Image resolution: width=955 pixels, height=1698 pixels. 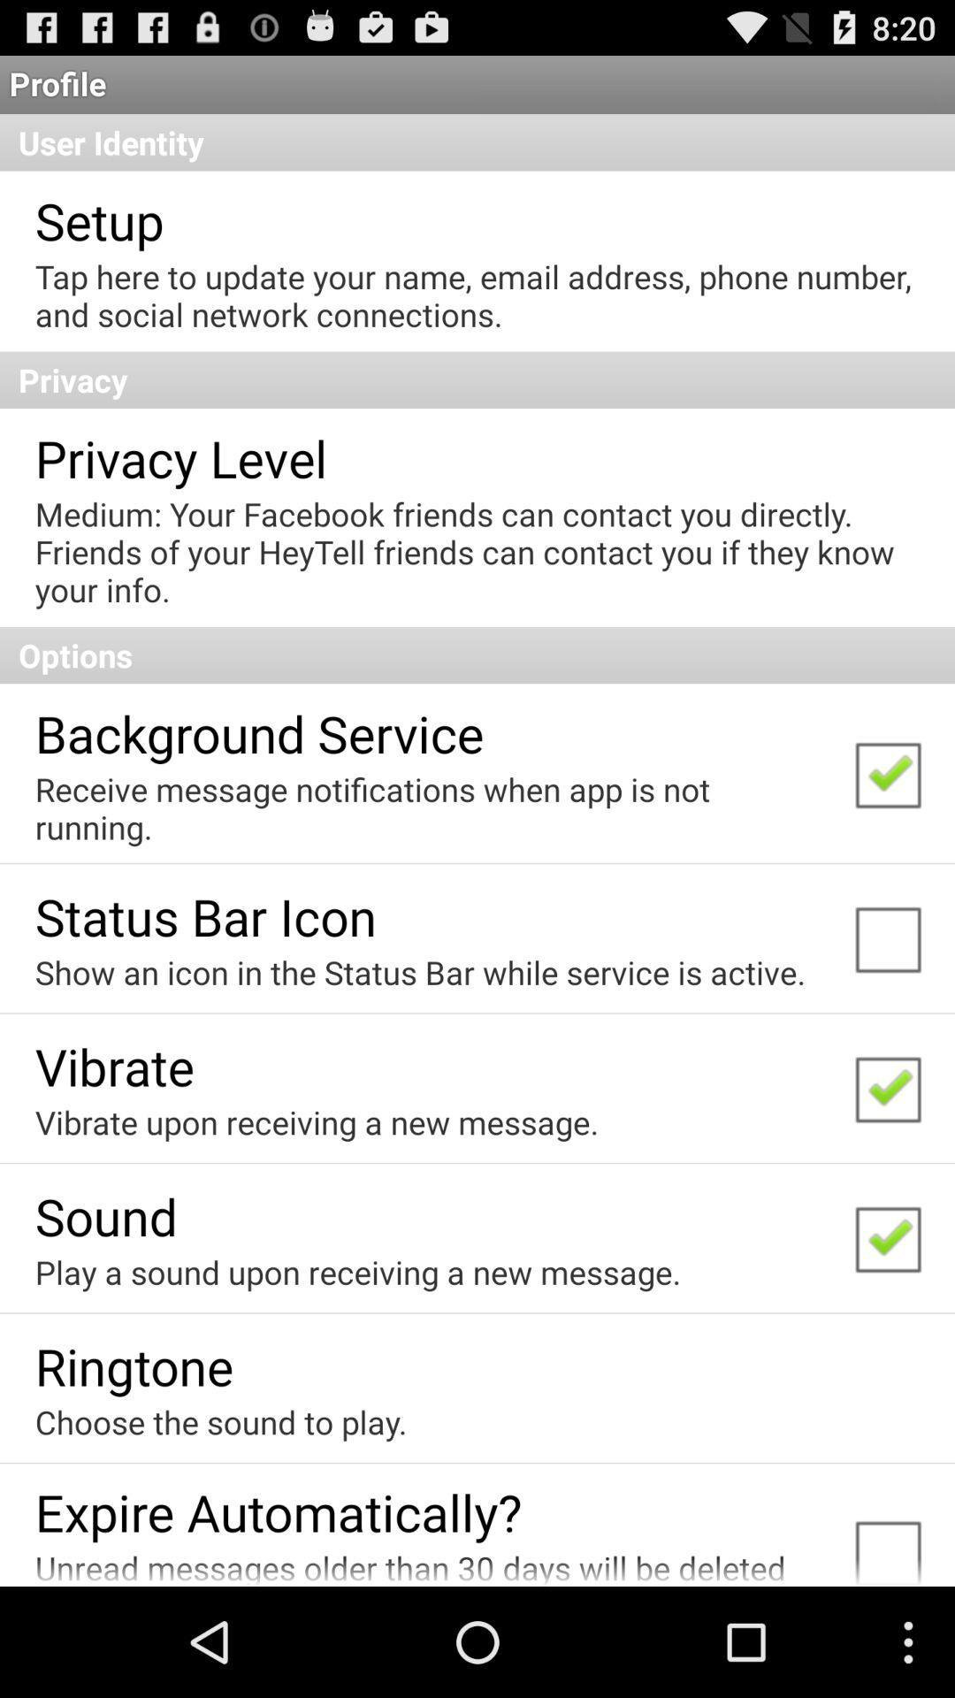 I want to click on the privacy level item, so click(x=180, y=457).